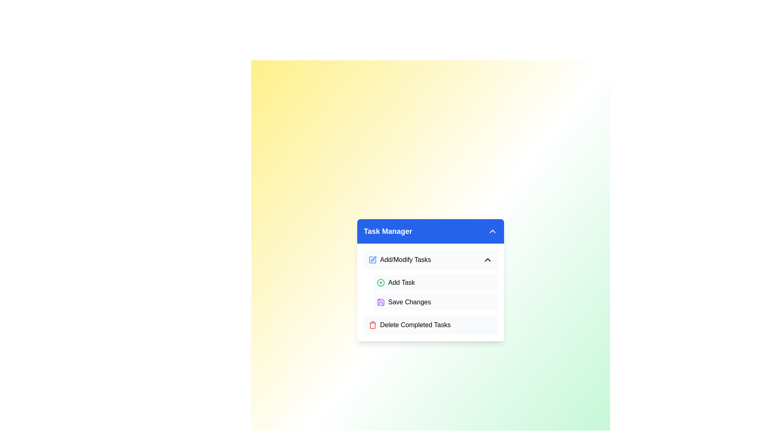 Image resolution: width=783 pixels, height=440 pixels. What do you see at coordinates (400, 260) in the screenshot?
I see `the label with icon that indicates the section for adding or modifying tasks, located directly below the 'Task Manager' header` at bounding box center [400, 260].